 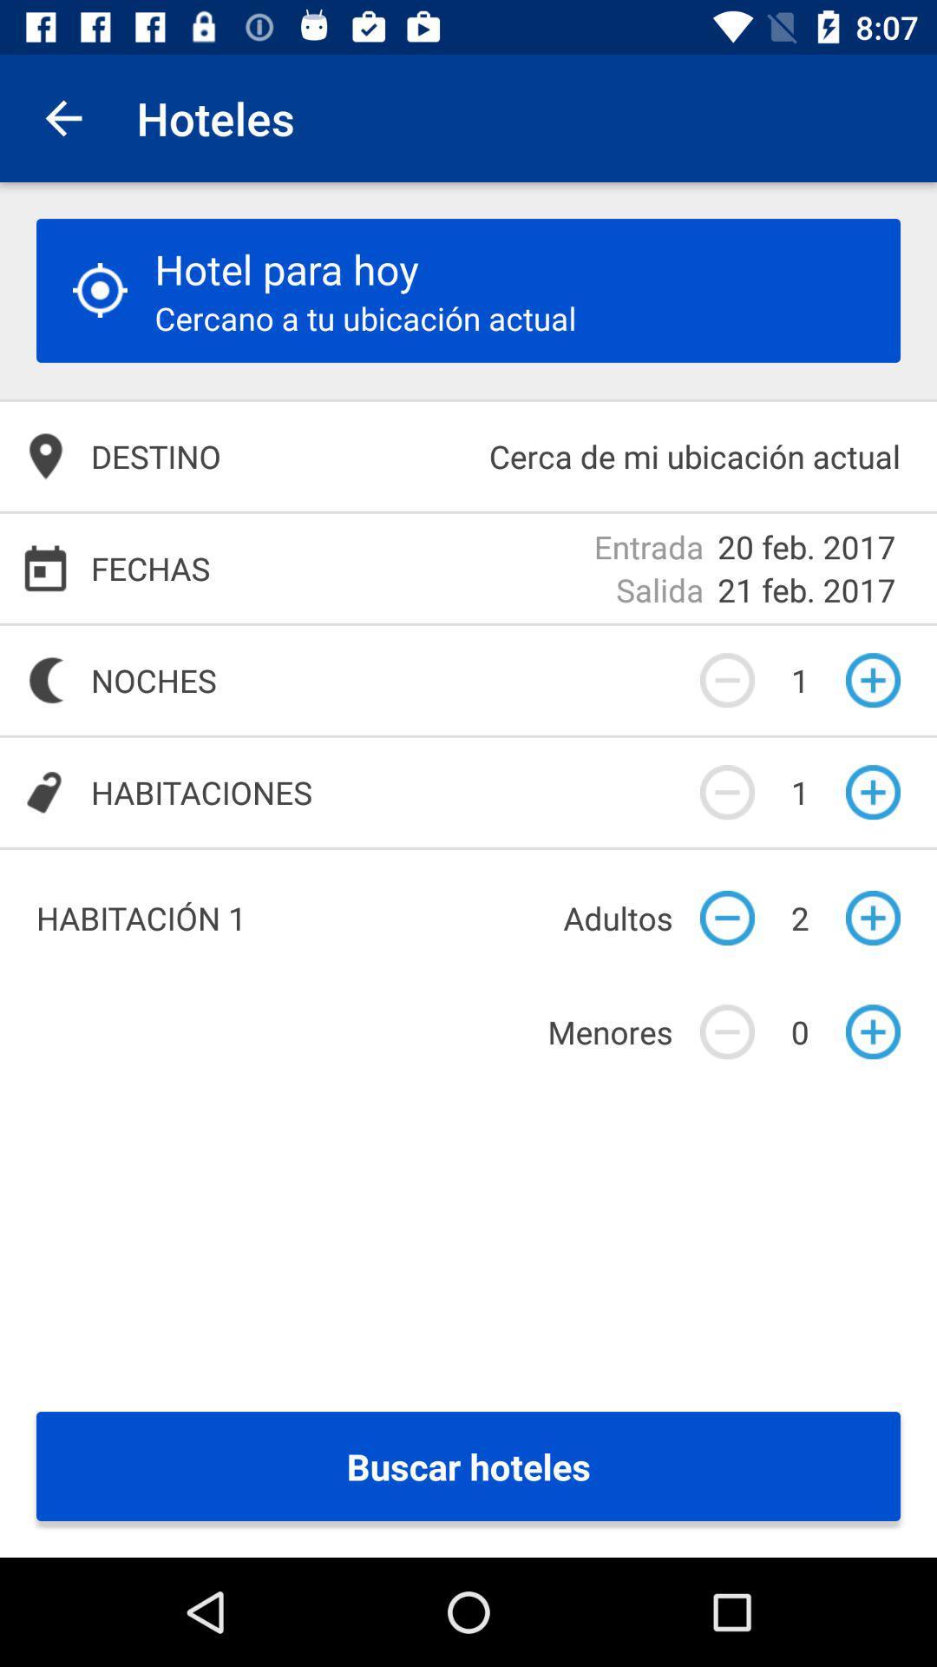 I want to click on the minus icon, so click(x=727, y=679).